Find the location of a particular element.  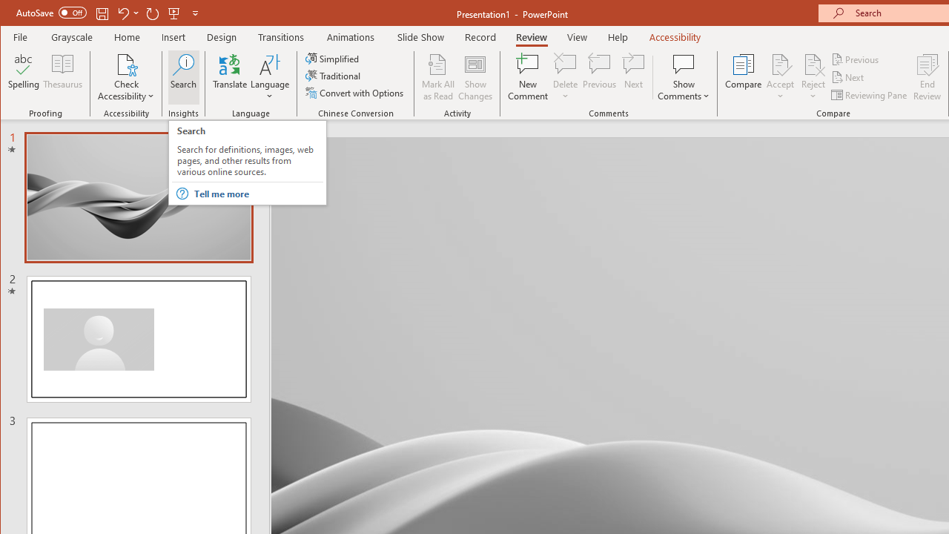

'Translate' is located at coordinates (229, 77).